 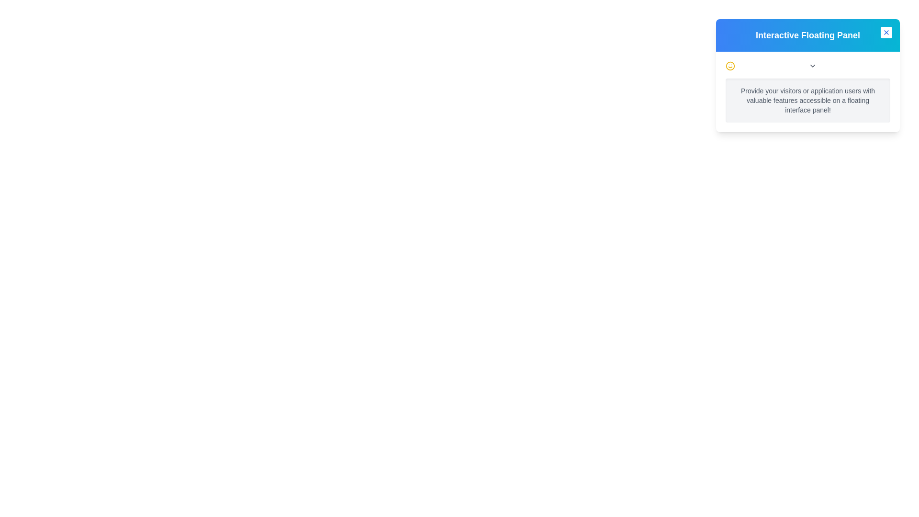 I want to click on the downward triangle icon located in the dropdown menu situated near the top of the floating panel, directly underneath the title bar, so click(x=807, y=66).